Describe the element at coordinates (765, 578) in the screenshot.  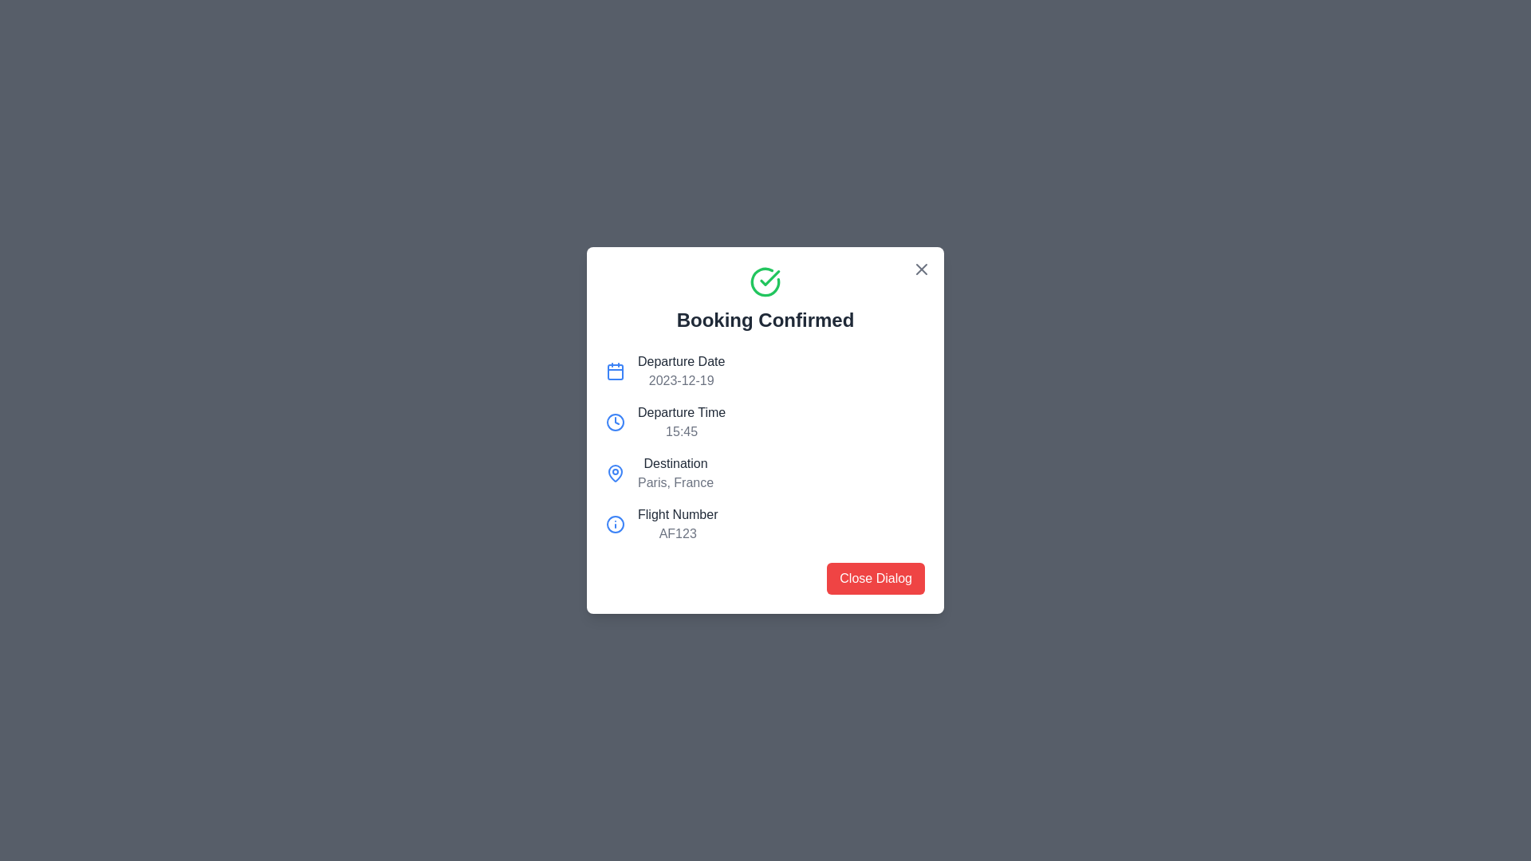
I see `the 'Close Dialog' button located at the bottom of the dialog box containing booking confirmation details` at that location.